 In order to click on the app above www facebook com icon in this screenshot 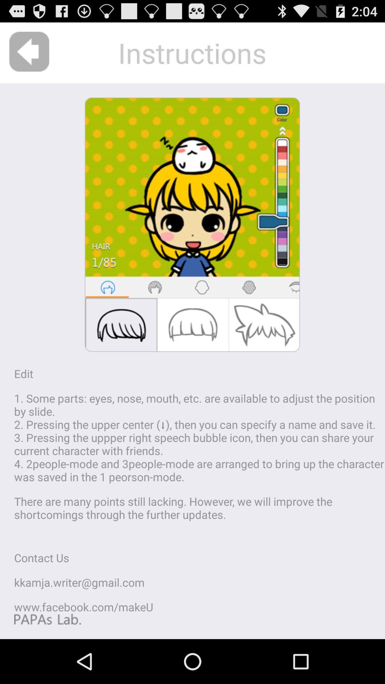, I will do `click(79, 582)`.